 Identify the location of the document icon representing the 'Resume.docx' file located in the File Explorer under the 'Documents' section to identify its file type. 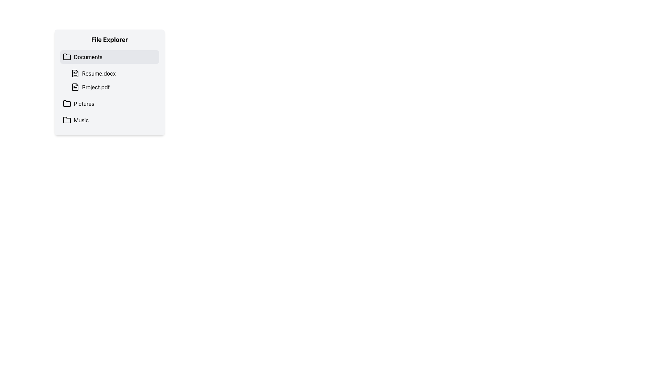
(75, 73).